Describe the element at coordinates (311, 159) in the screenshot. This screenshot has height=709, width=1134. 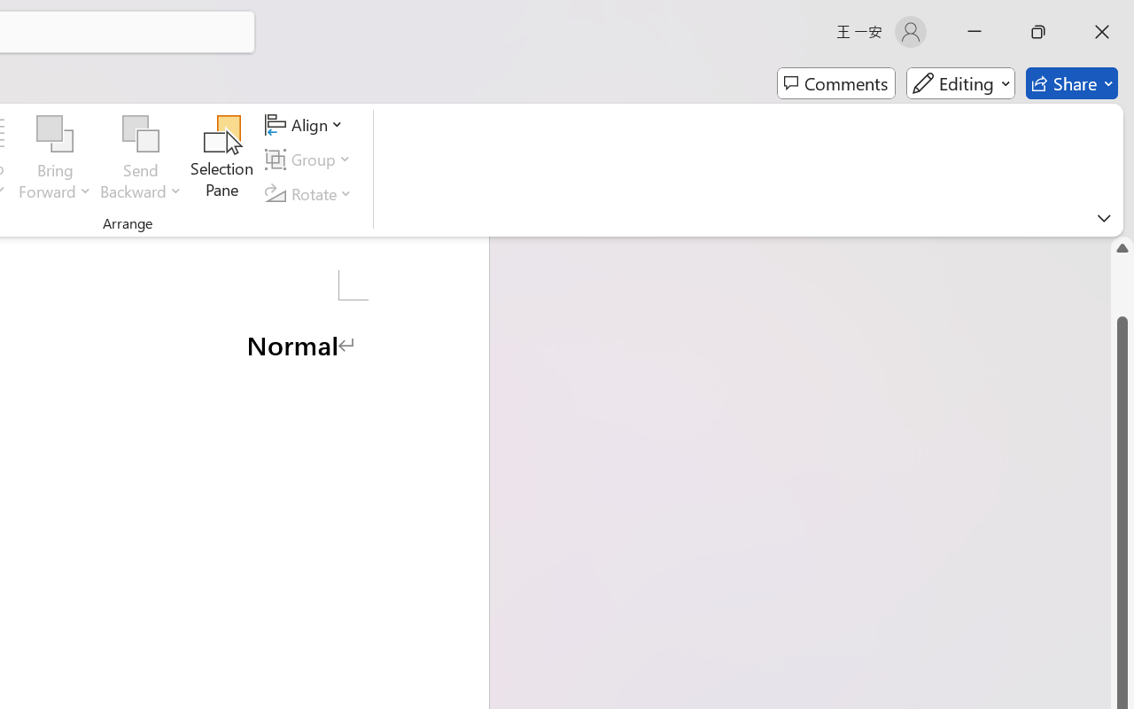
I see `'Group'` at that location.